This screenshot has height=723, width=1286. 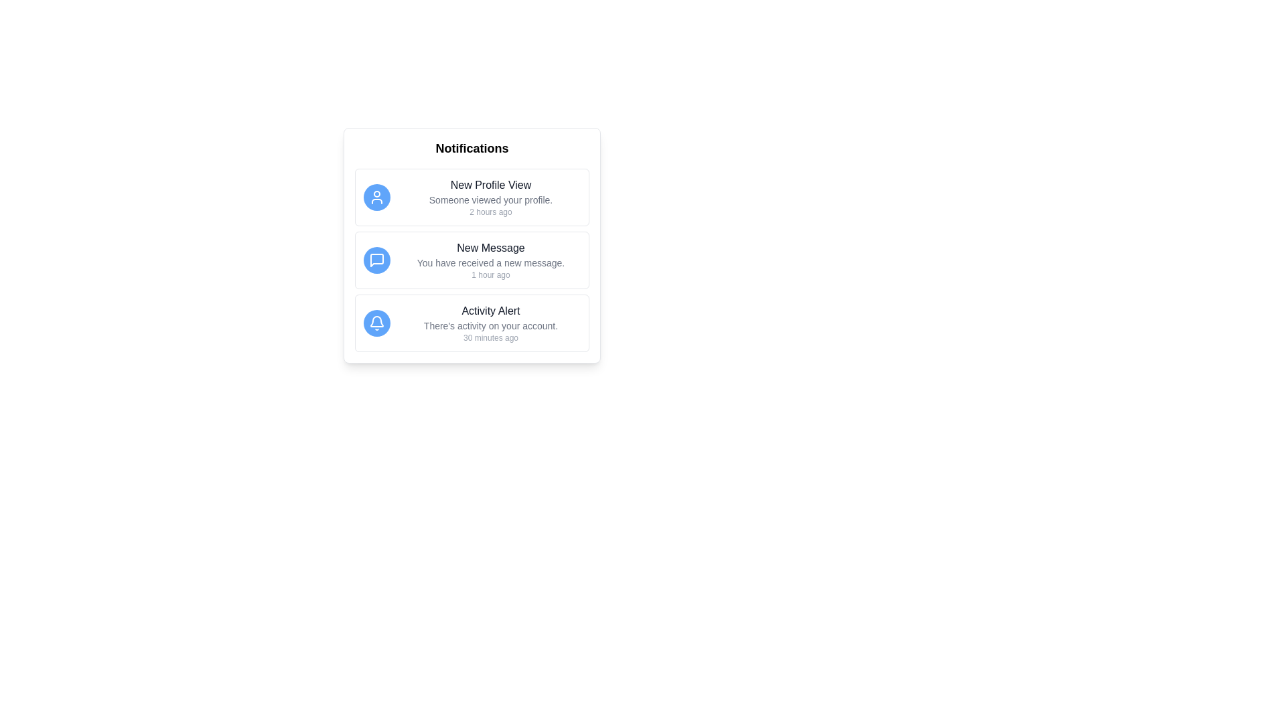 What do you see at coordinates (490, 274) in the screenshot?
I see `the text label displaying '1 hour ago' in light gray color, located at the lower right corner of the notification box titled 'New Message'` at bounding box center [490, 274].